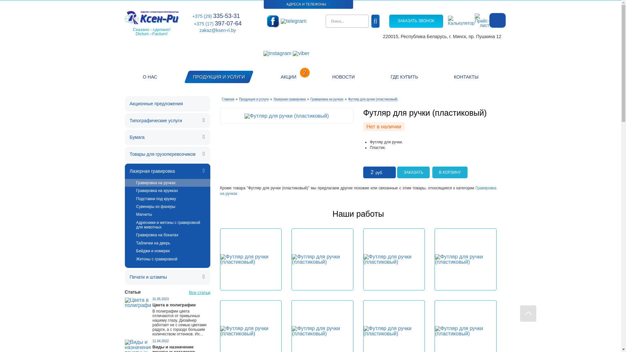 The width and height of the screenshot is (626, 352). What do you see at coordinates (218, 23) in the screenshot?
I see `'+375 (17) 397-07-64'` at bounding box center [218, 23].